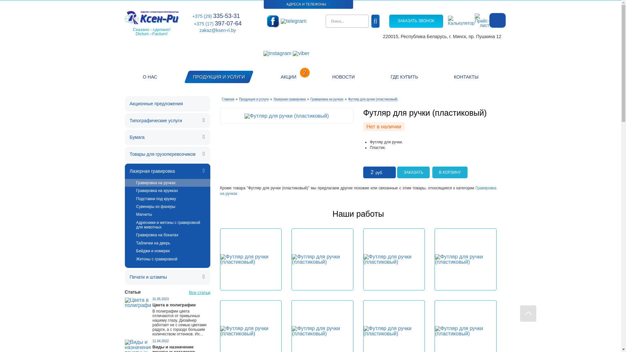 The width and height of the screenshot is (626, 352). What do you see at coordinates (218, 23) in the screenshot?
I see `'+375 (17) 397-07-64'` at bounding box center [218, 23].